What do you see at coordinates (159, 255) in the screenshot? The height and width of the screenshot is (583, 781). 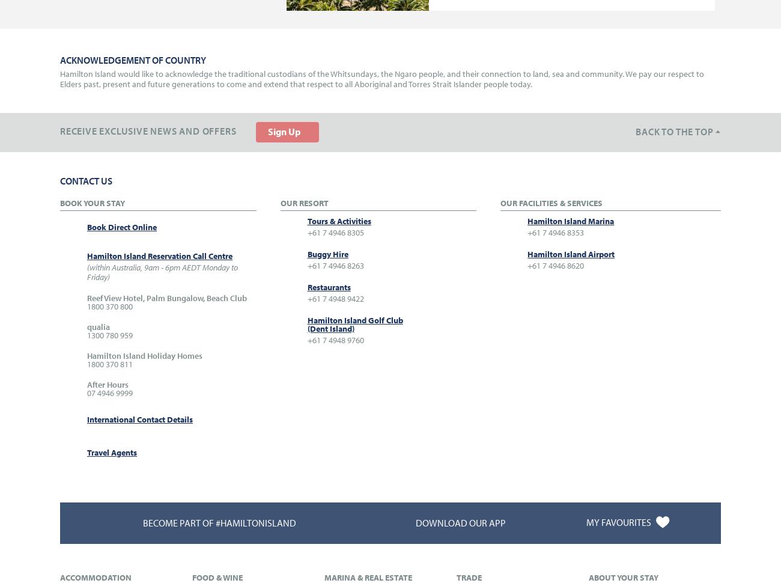 I see `'Hamilton Island Reservation Call Centre'` at bounding box center [159, 255].